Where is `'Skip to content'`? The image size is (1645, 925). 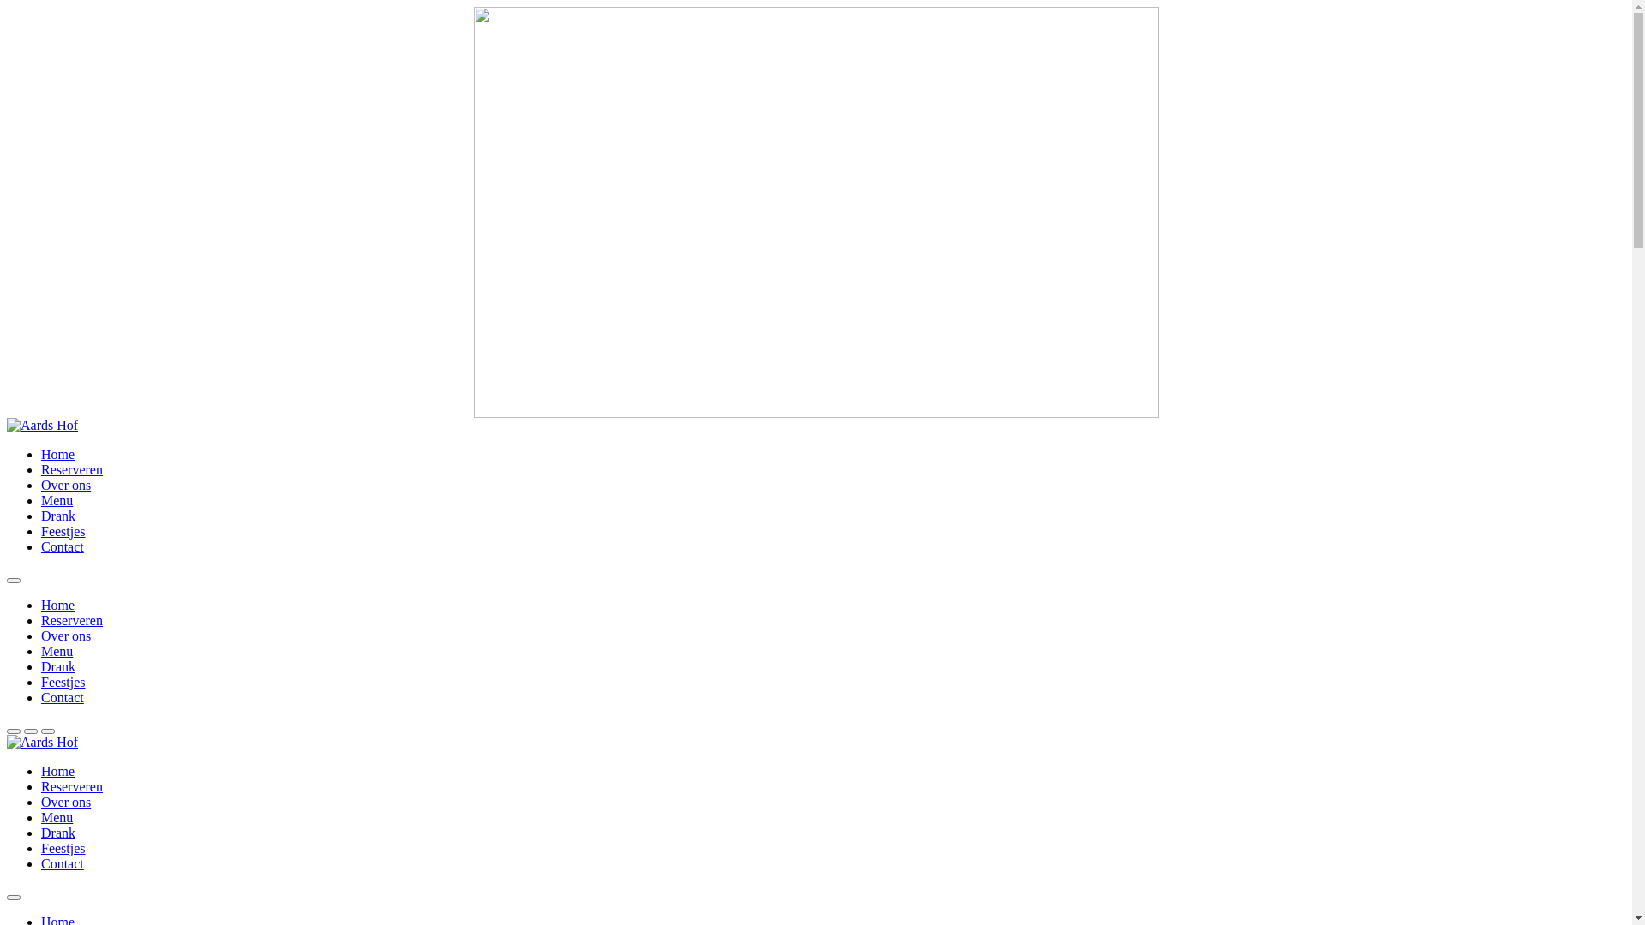 'Skip to content' is located at coordinates (6, 6).